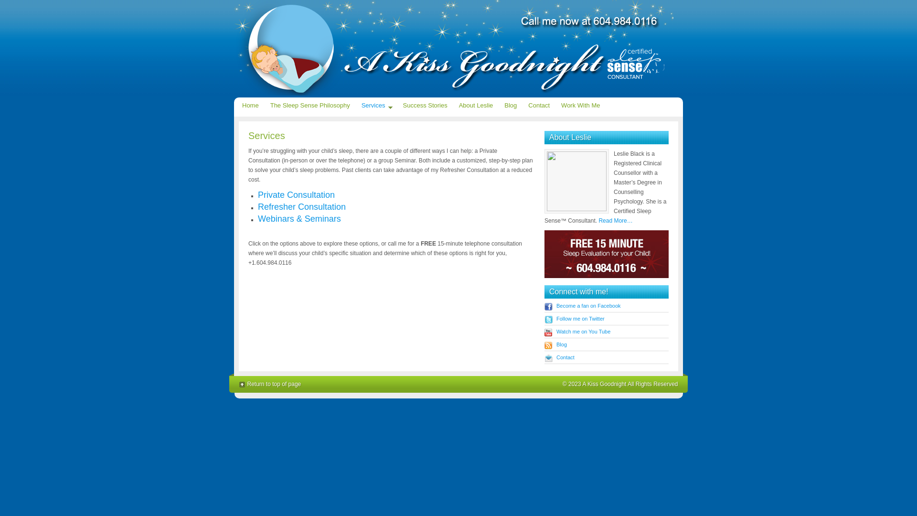 This screenshot has width=917, height=516. I want to click on 'Webinars & Seminars', so click(299, 219).